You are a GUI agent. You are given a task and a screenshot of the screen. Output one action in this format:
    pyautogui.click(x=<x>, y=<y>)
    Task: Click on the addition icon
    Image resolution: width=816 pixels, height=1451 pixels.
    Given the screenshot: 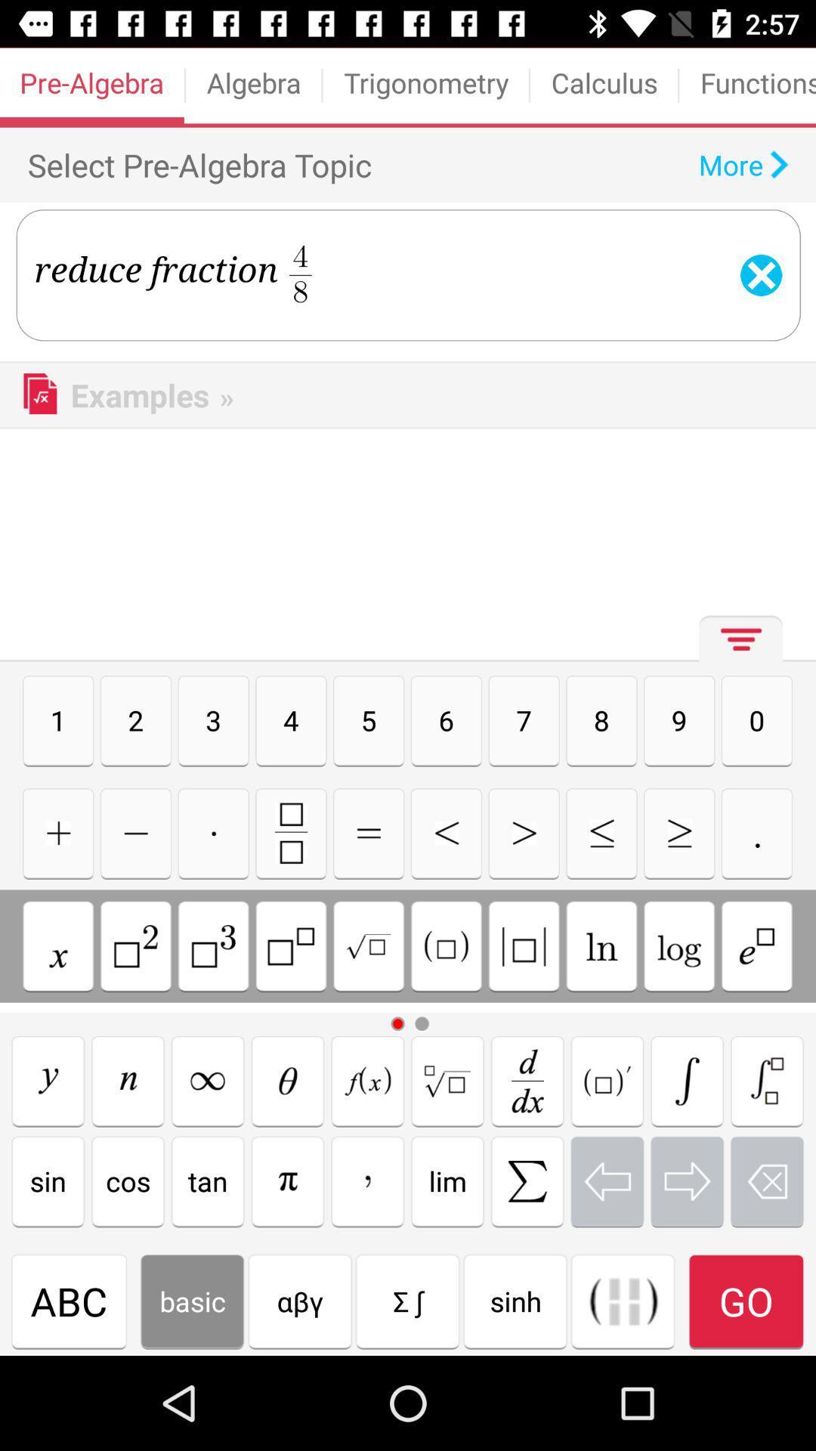 What is the action you would take?
    pyautogui.click(x=57, y=832)
    